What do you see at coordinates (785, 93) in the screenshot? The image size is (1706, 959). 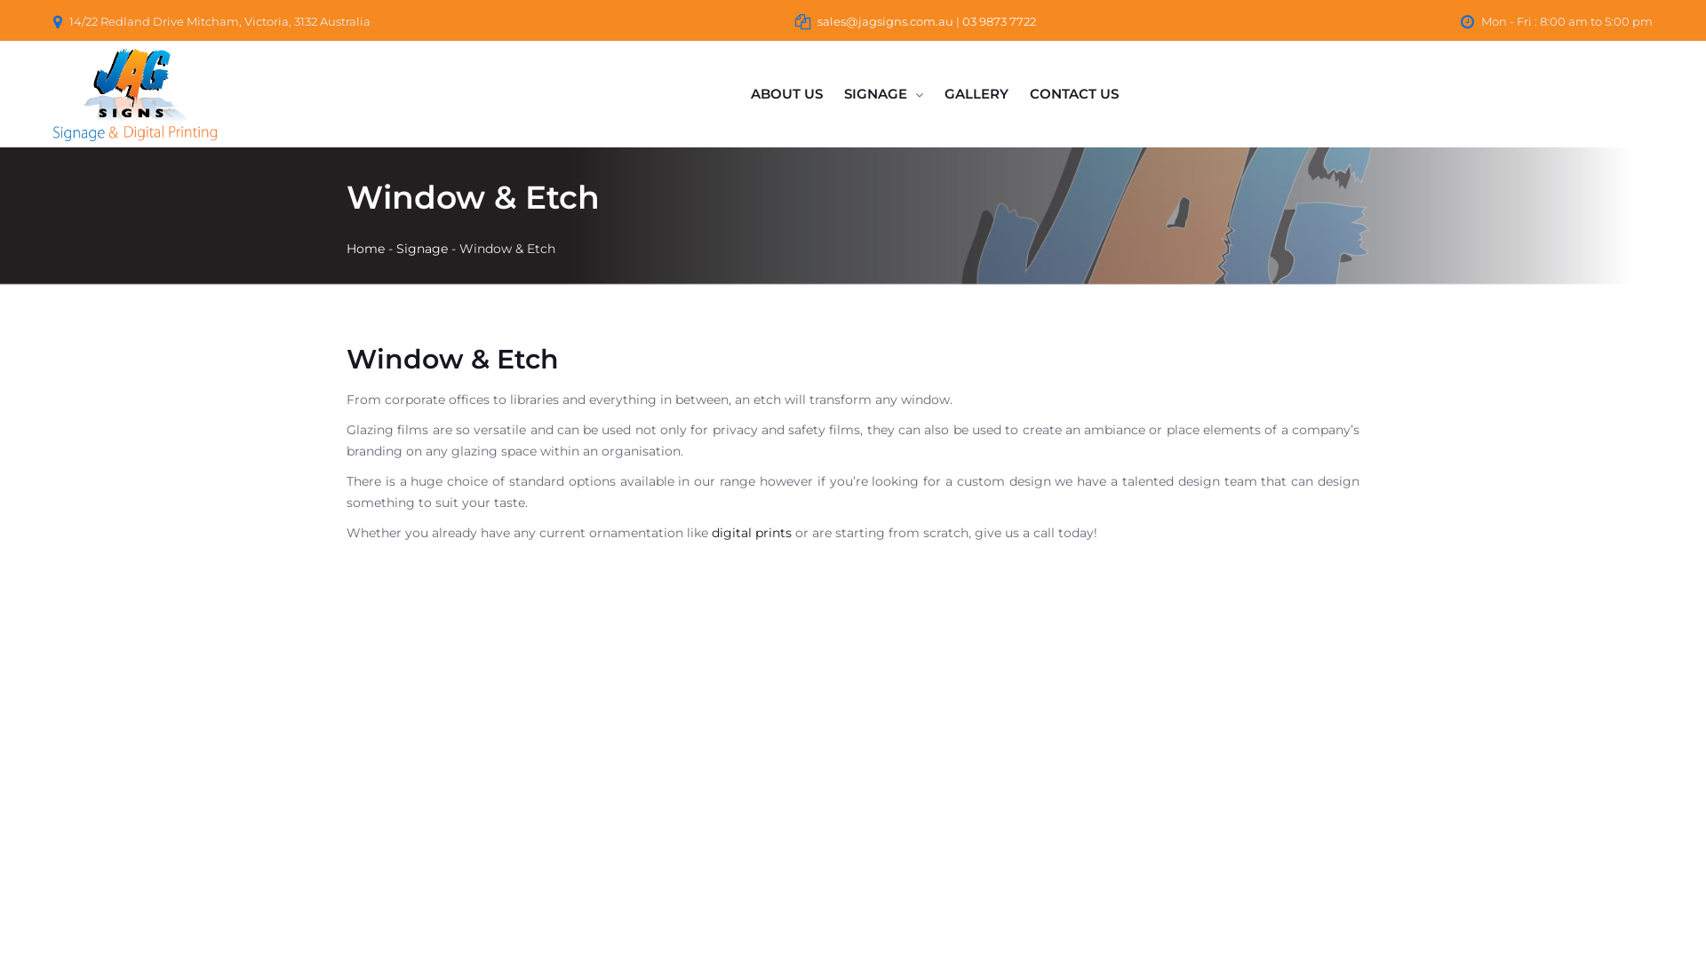 I see `'ABOUT US'` at bounding box center [785, 93].